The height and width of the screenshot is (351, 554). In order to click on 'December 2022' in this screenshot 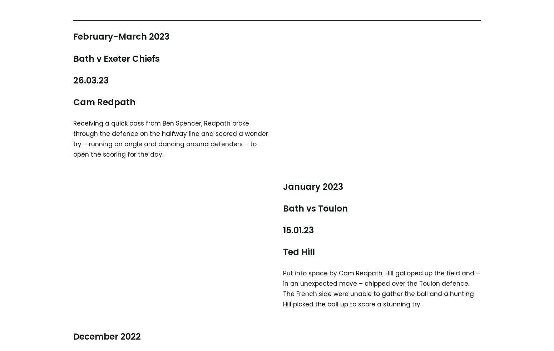, I will do `click(107, 336)`.